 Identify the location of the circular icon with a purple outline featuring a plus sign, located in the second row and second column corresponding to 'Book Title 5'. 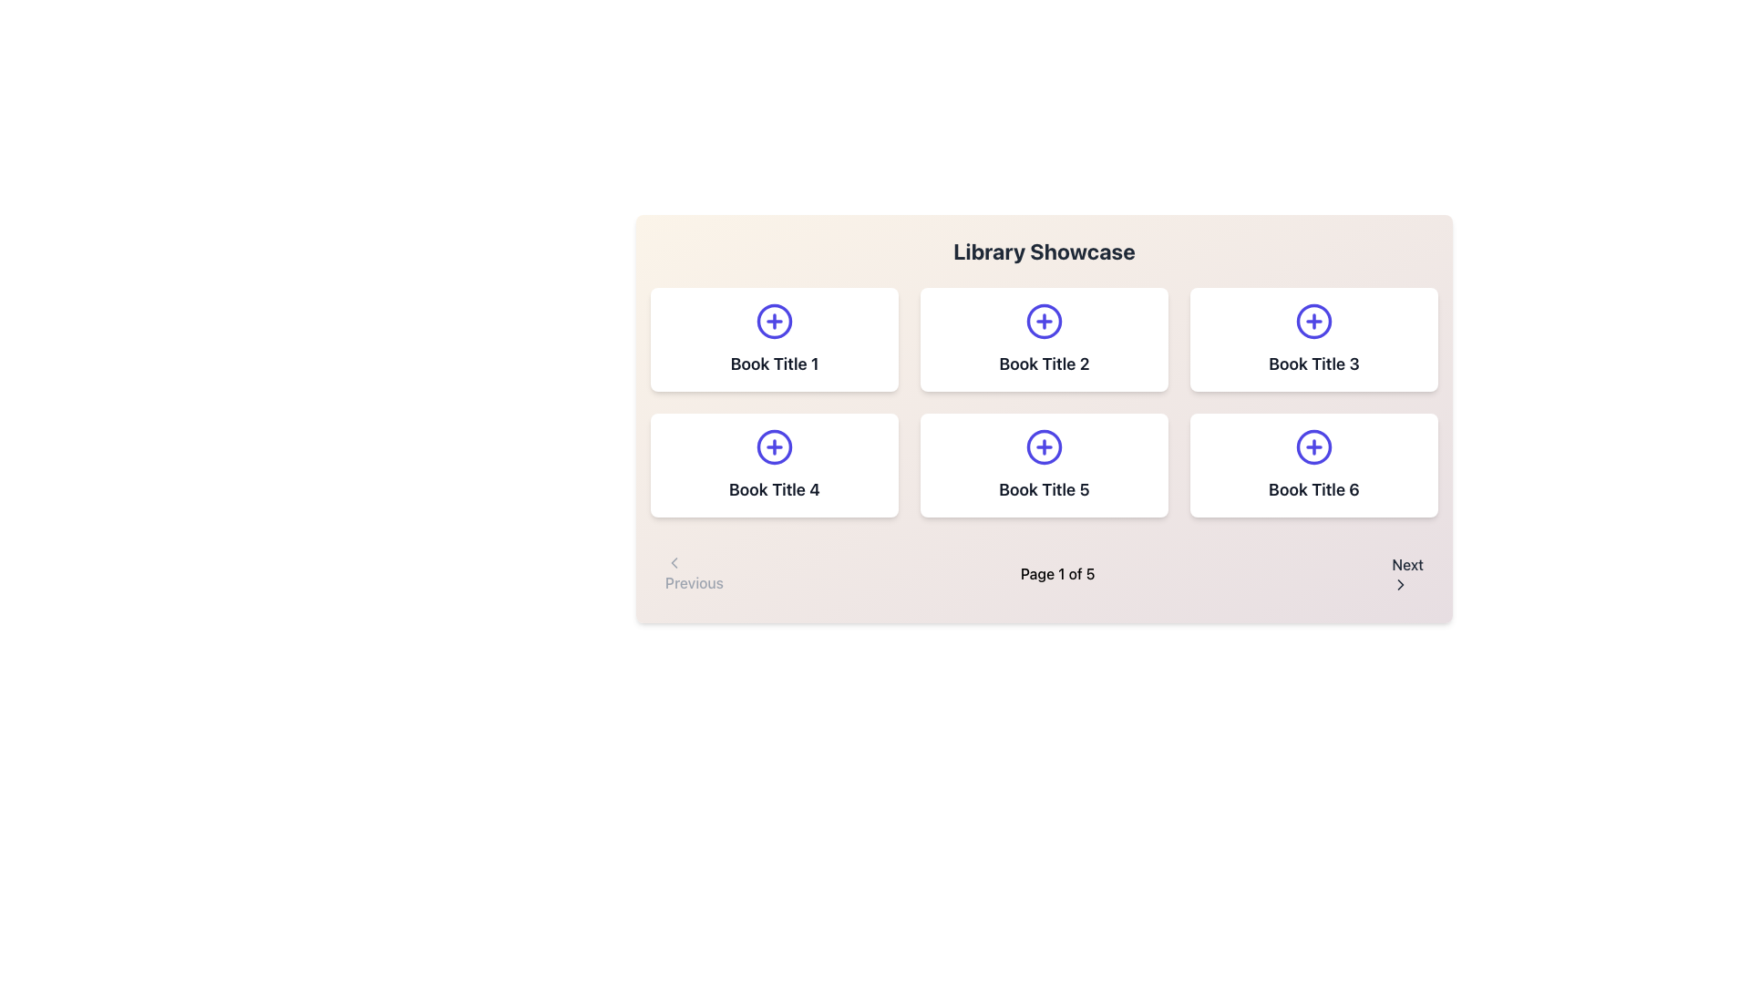
(1045, 446).